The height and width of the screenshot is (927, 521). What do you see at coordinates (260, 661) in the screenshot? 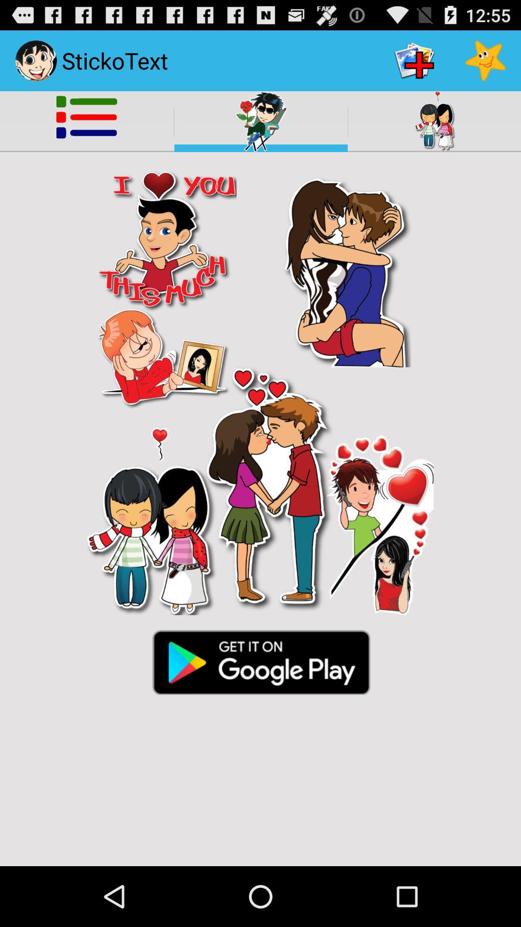
I see `google pay app` at bounding box center [260, 661].